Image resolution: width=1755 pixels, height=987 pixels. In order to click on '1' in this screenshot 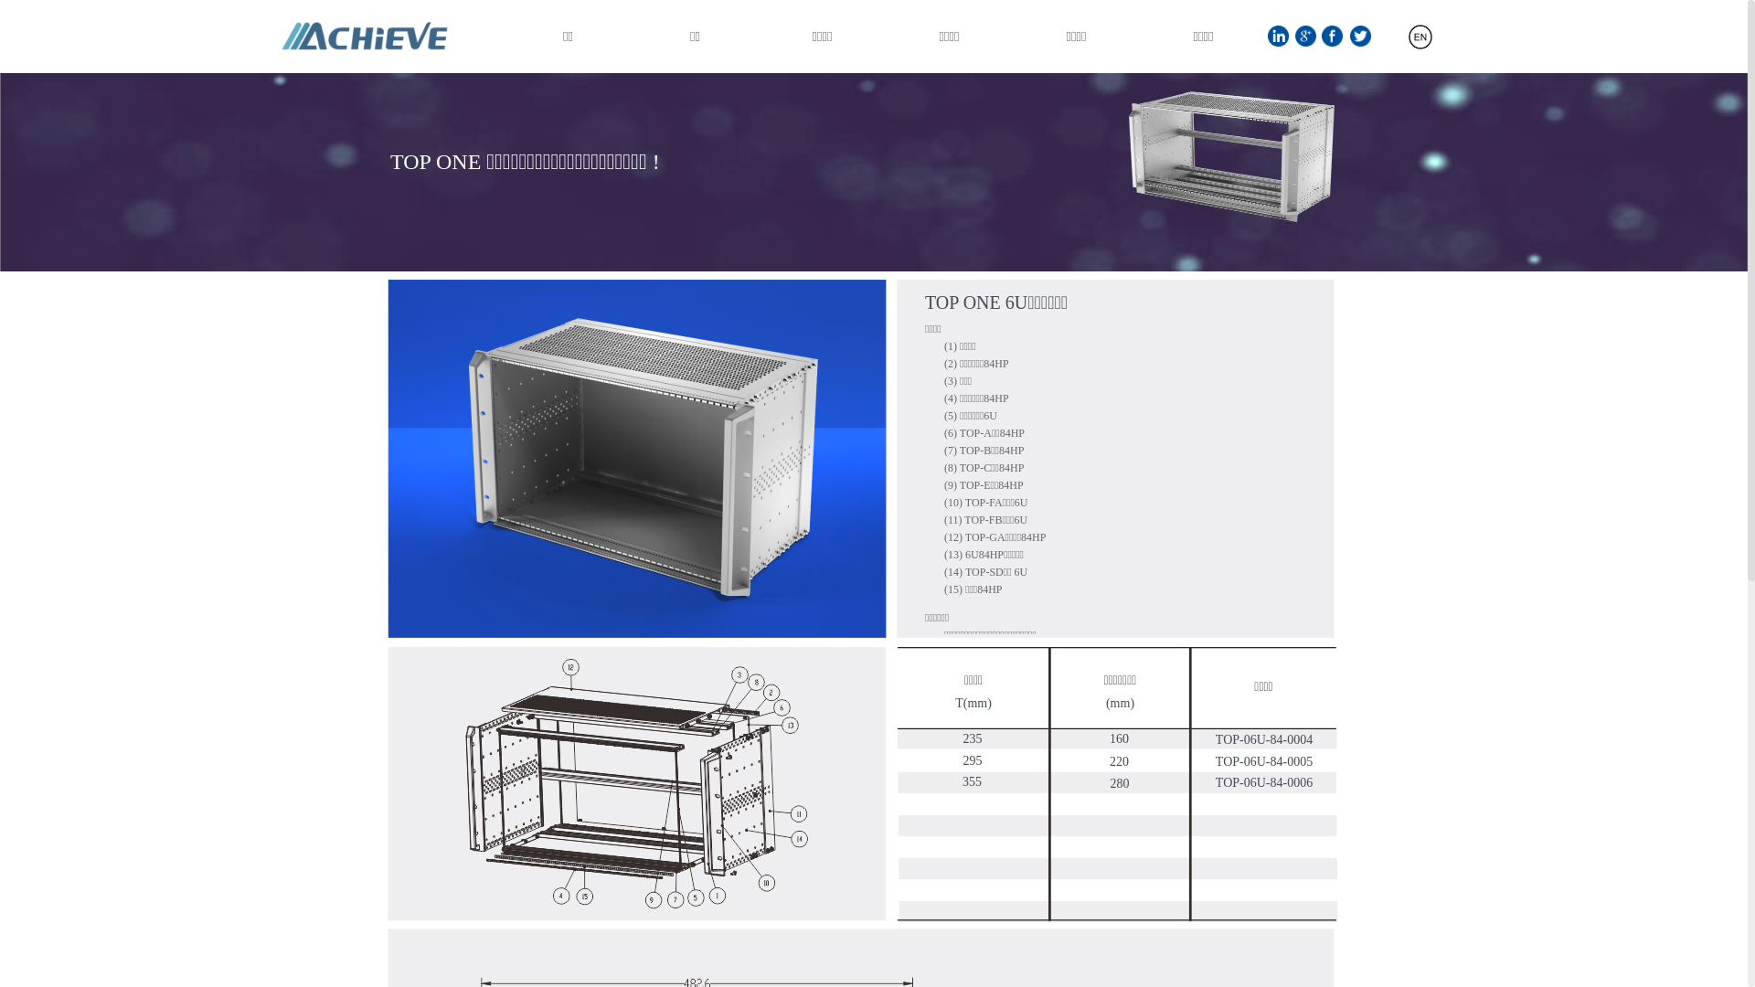, I will do `click(1267, 36)`.